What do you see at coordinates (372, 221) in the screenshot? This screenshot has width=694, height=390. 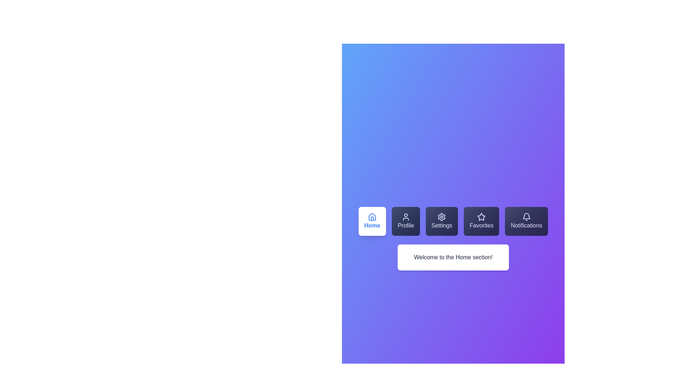 I see `the 'Home' button, which is a rectangular button with rounded corners, white background, and blue font, featuring a house icon above the text, located in the toolbar as the first button from the left` at bounding box center [372, 221].